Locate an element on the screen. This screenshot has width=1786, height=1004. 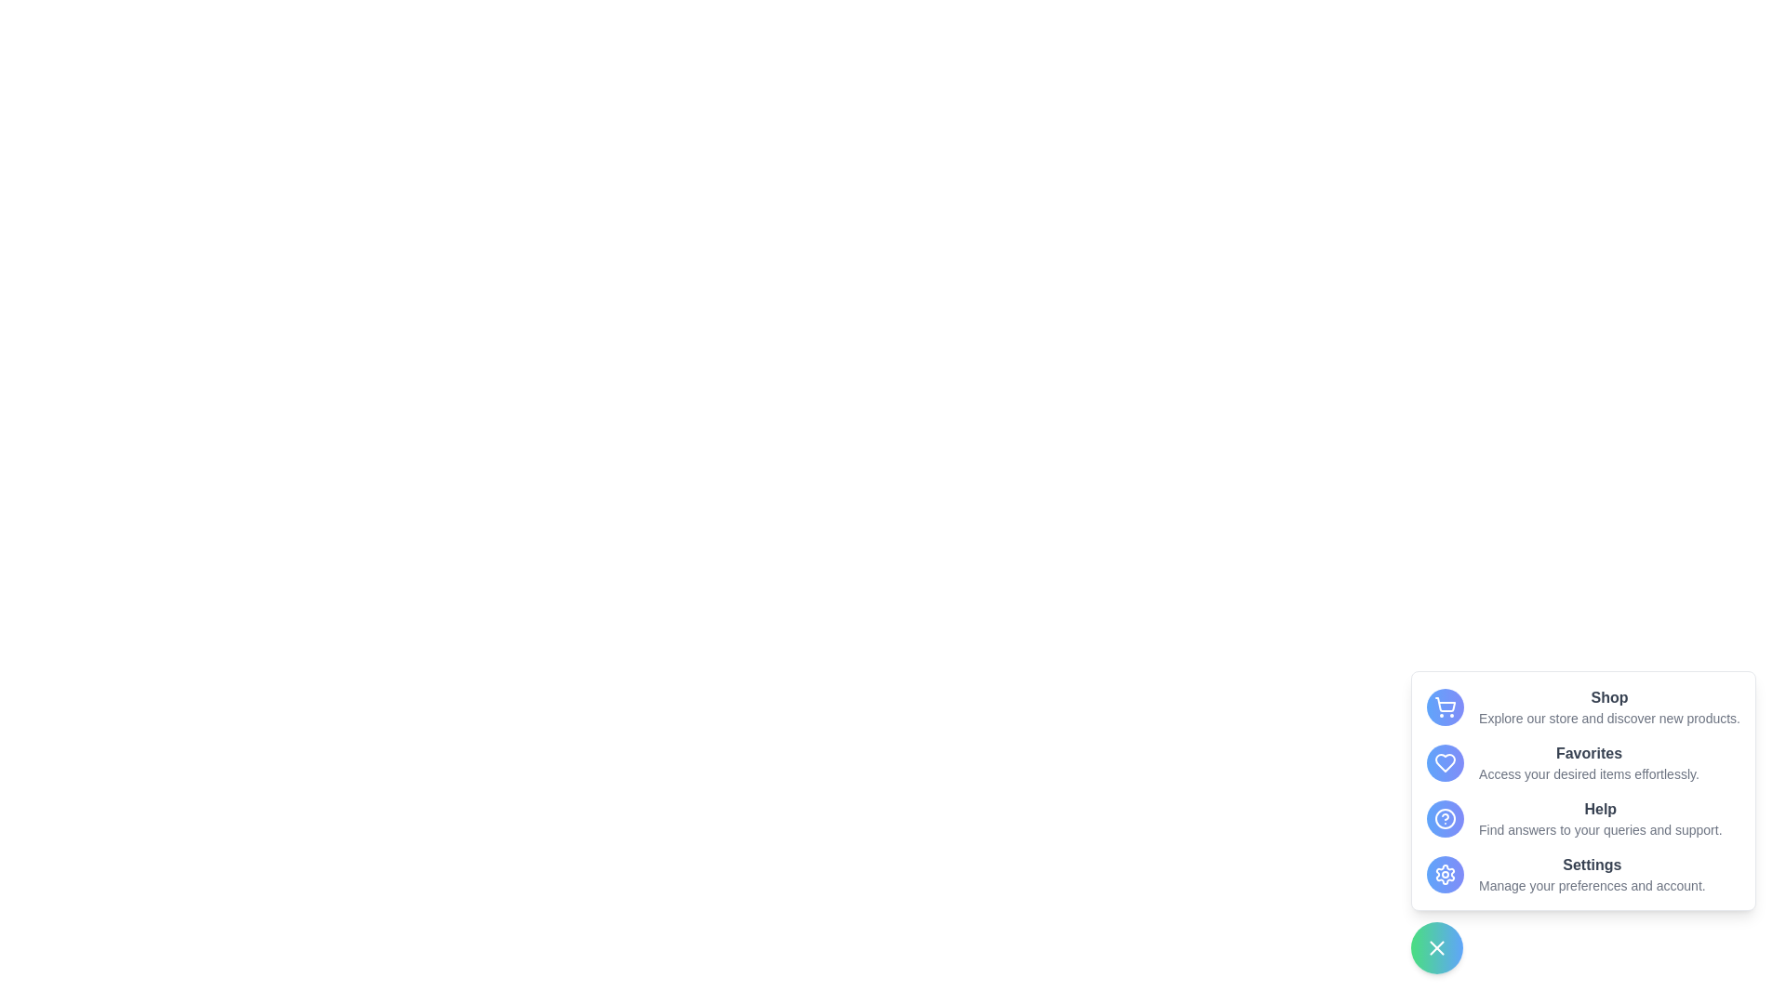
the menu option Settings is located at coordinates (1445, 875).